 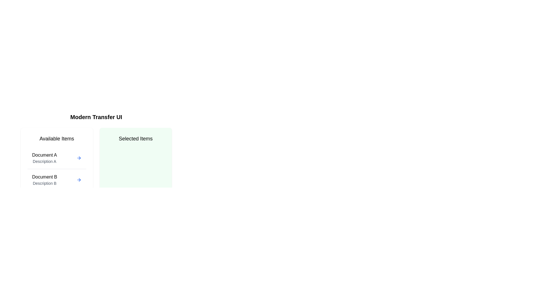 I want to click on the text label displaying 'Description A' located in the 'Available Items' section, beneath the 'Document A' label, so click(x=44, y=161).